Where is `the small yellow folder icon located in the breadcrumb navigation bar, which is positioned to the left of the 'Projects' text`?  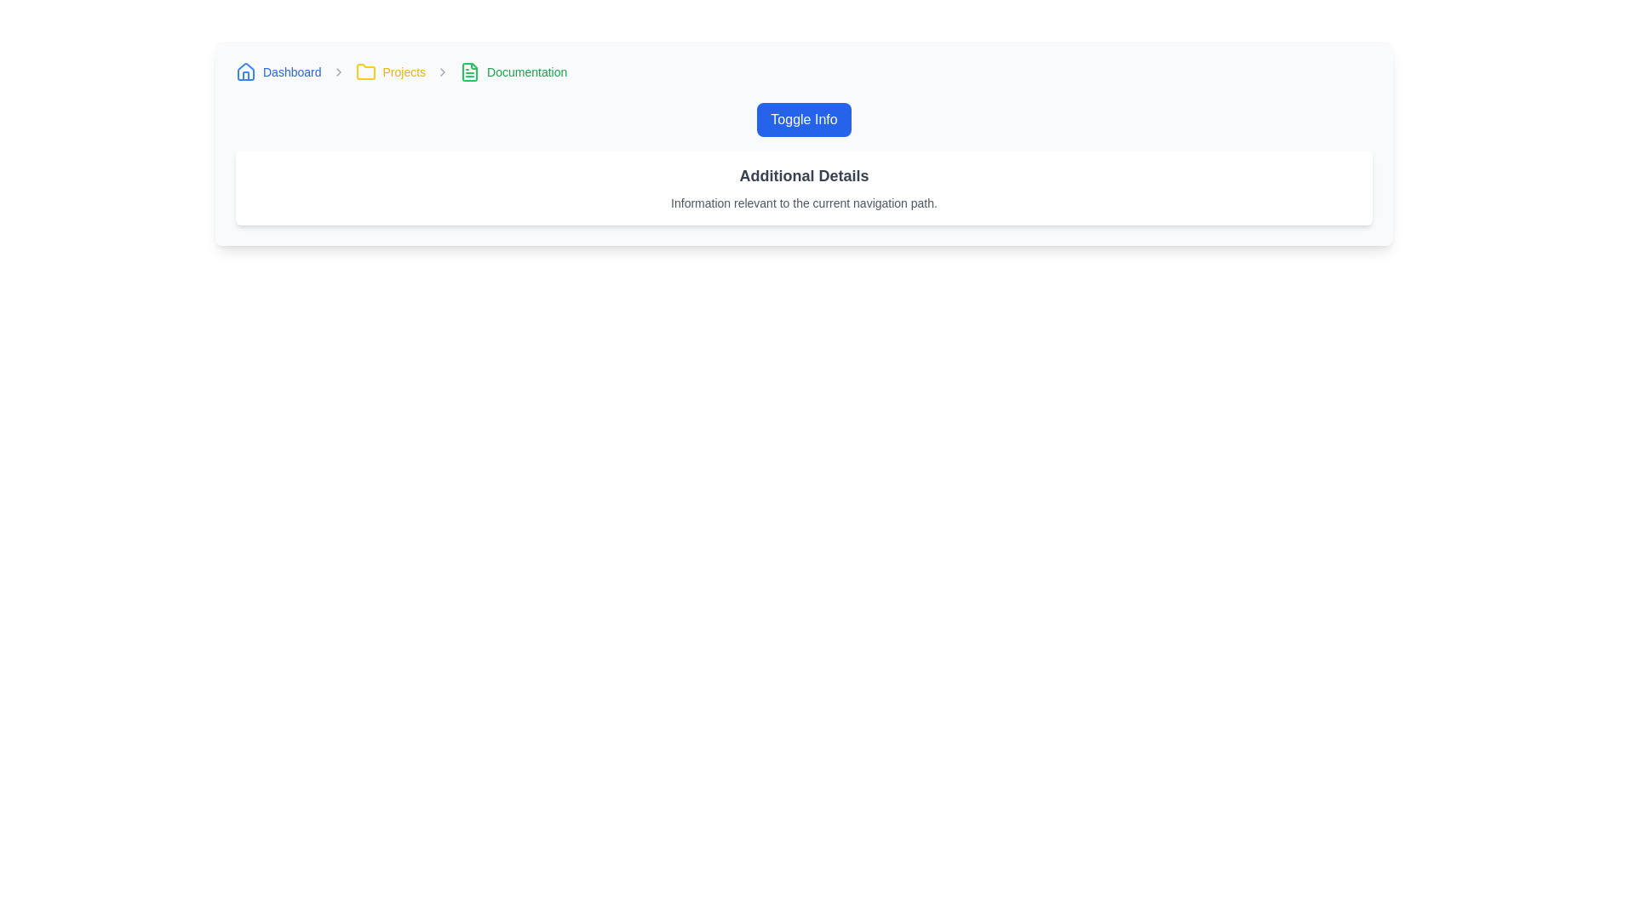
the small yellow folder icon located in the breadcrumb navigation bar, which is positioned to the left of the 'Projects' text is located at coordinates (364, 71).